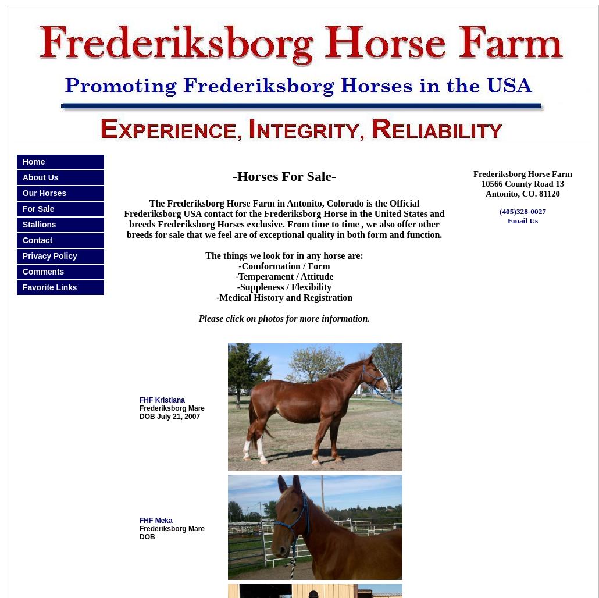 Image resolution: width=599 pixels, height=598 pixels. Describe the element at coordinates (198, 318) in the screenshot. I see `'Please click on photos for more information.'` at that location.